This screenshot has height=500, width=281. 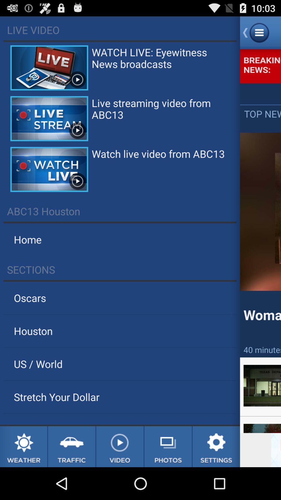 What do you see at coordinates (120, 446) in the screenshot?
I see `video` at bounding box center [120, 446].